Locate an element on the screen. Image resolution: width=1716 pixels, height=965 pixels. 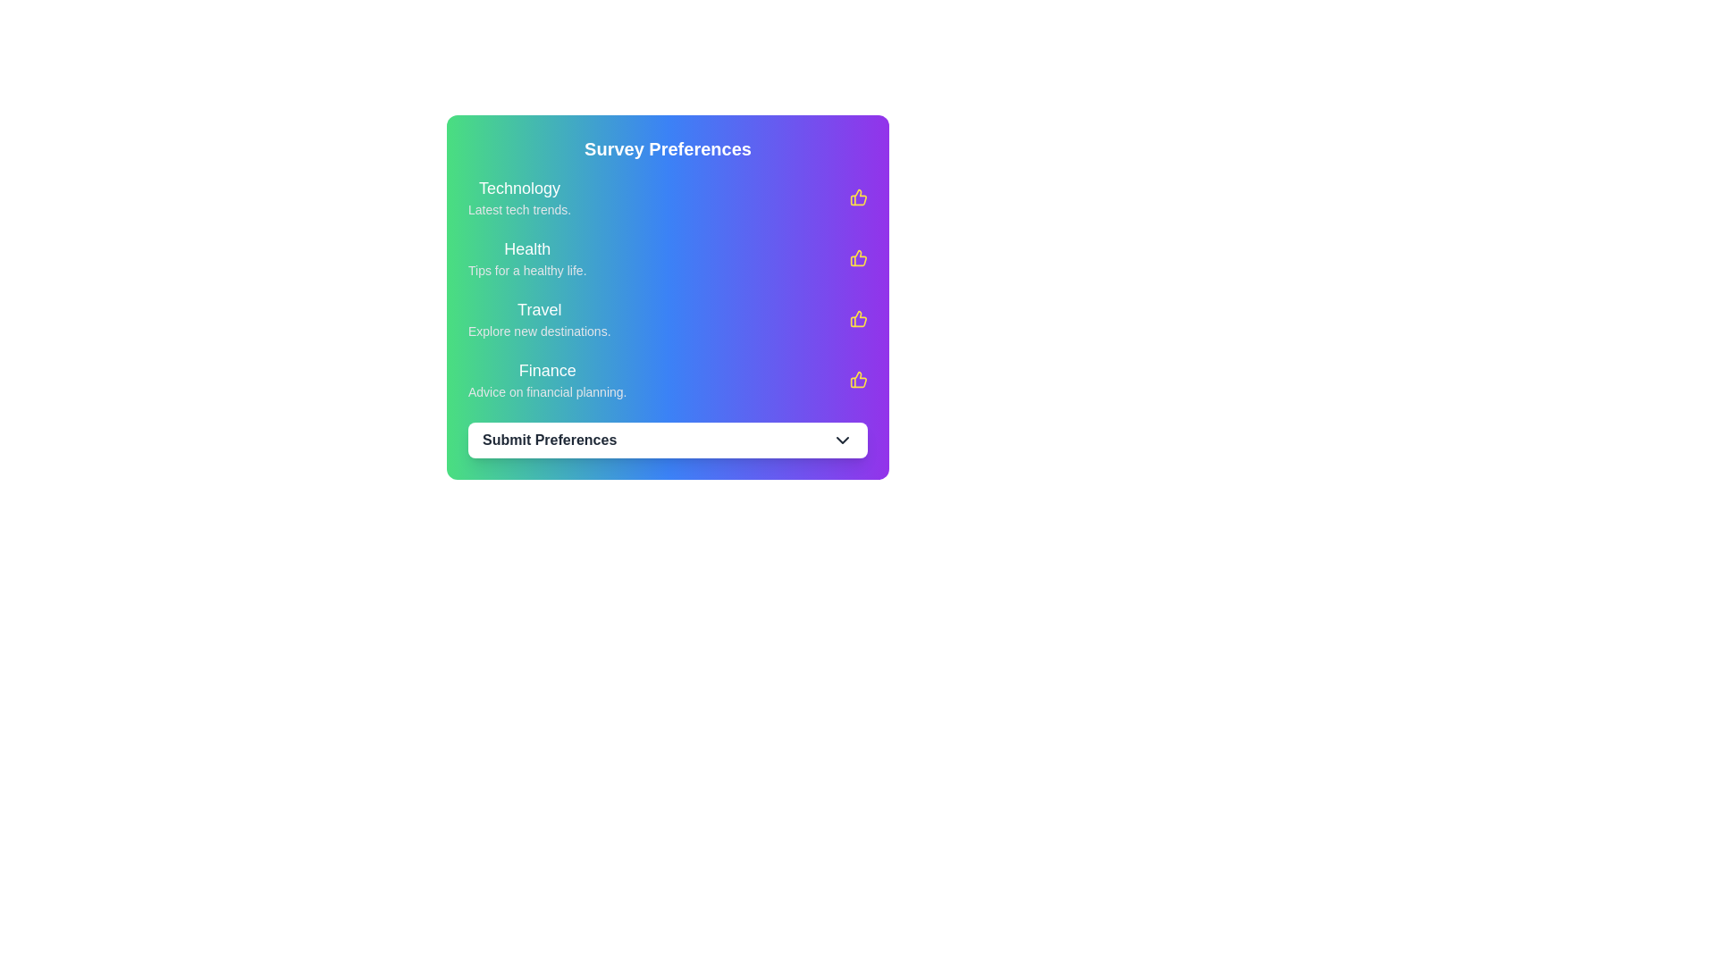
the downward-pointing chevron icon located is located at coordinates (841, 441).